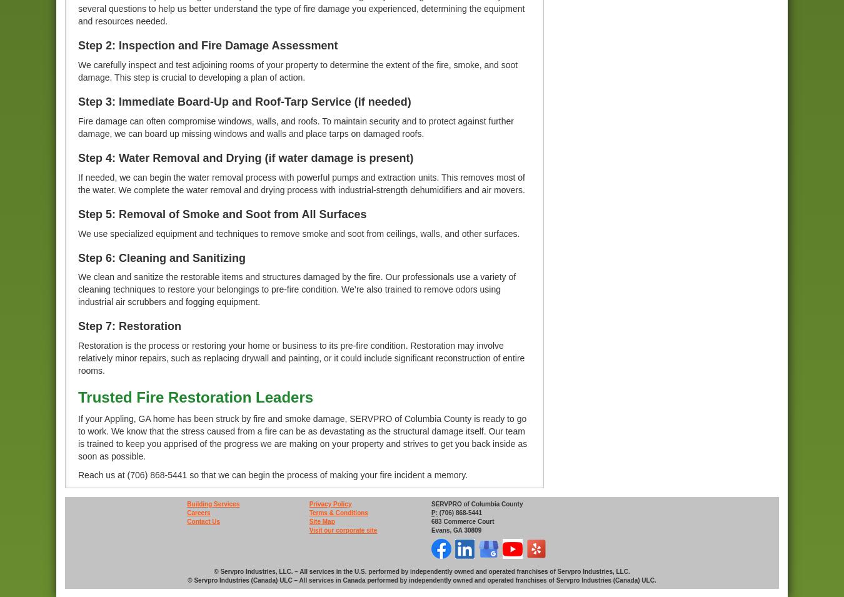  Describe the element at coordinates (337, 512) in the screenshot. I see `'Terms & Conditions'` at that location.